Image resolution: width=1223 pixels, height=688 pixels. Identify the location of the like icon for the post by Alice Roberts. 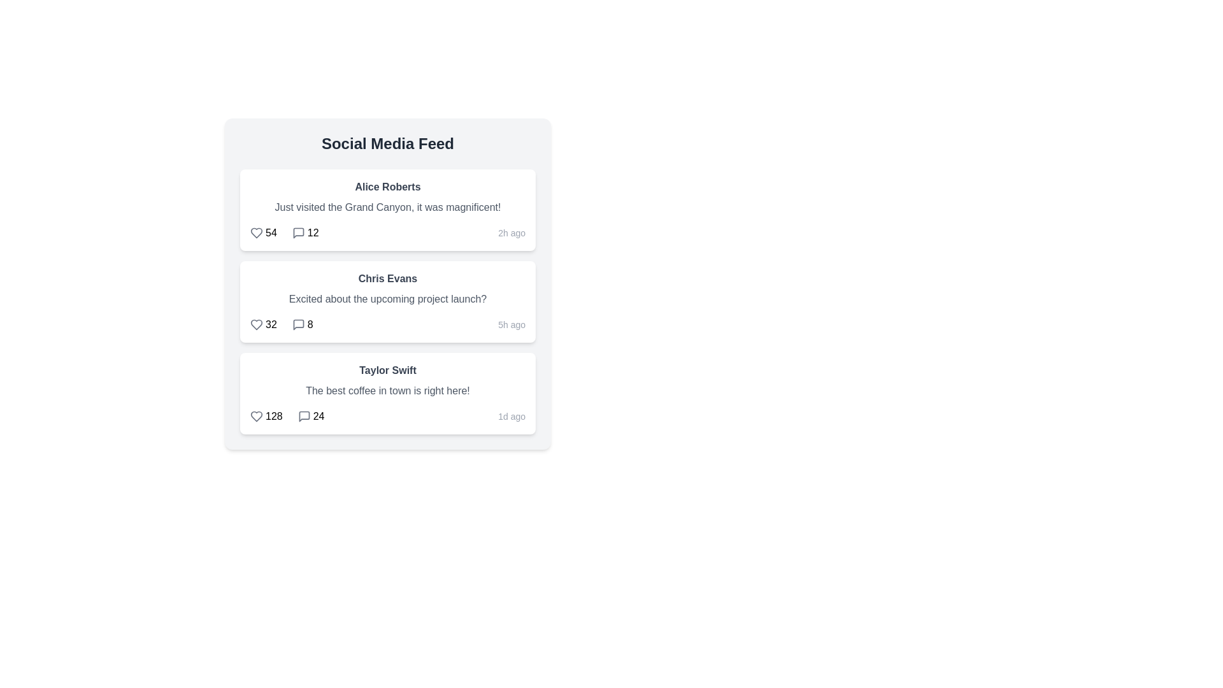
(256, 233).